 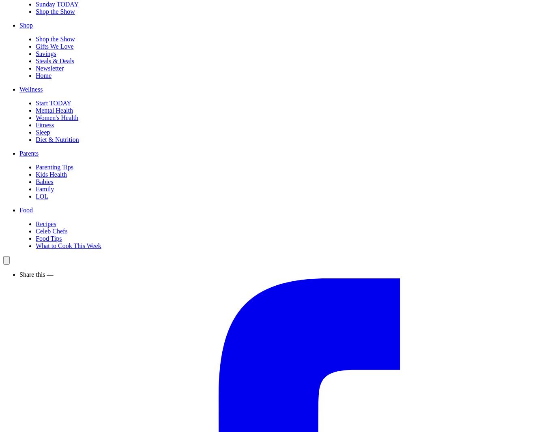 What do you see at coordinates (44, 182) in the screenshot?
I see `'Babies'` at bounding box center [44, 182].